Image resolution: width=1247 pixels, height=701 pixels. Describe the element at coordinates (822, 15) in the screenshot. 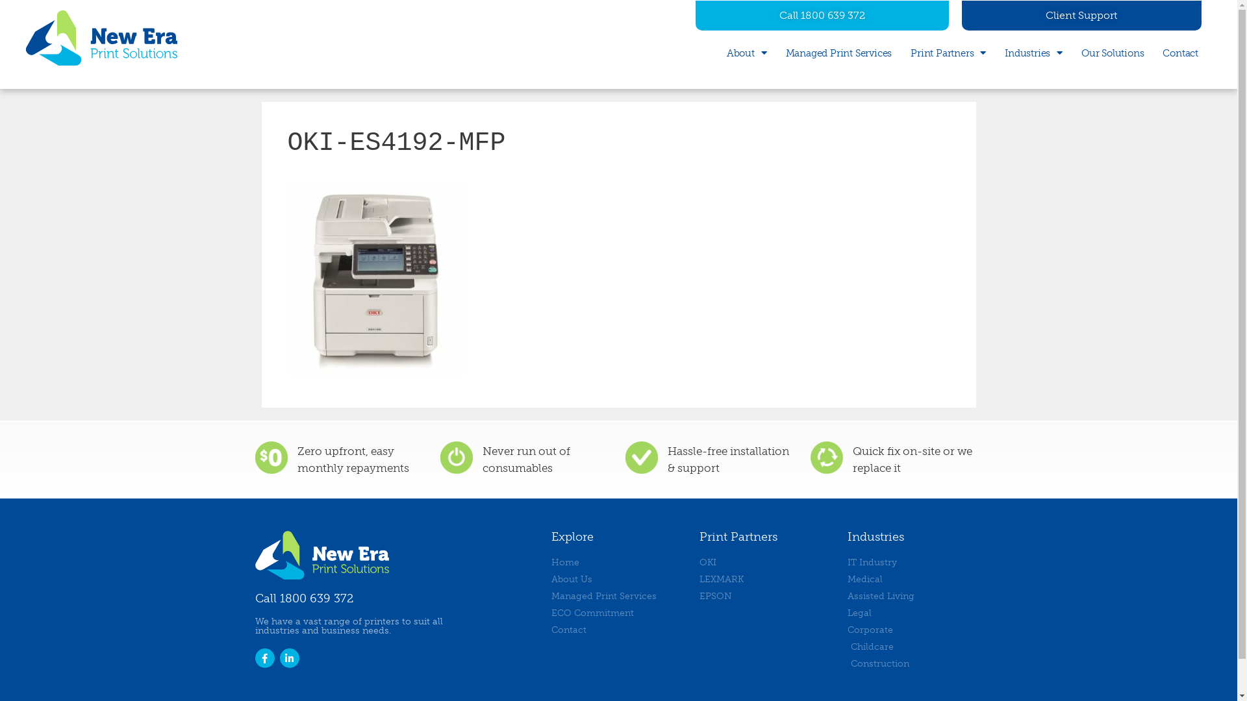

I see `'Call 1800 639 372'` at that location.